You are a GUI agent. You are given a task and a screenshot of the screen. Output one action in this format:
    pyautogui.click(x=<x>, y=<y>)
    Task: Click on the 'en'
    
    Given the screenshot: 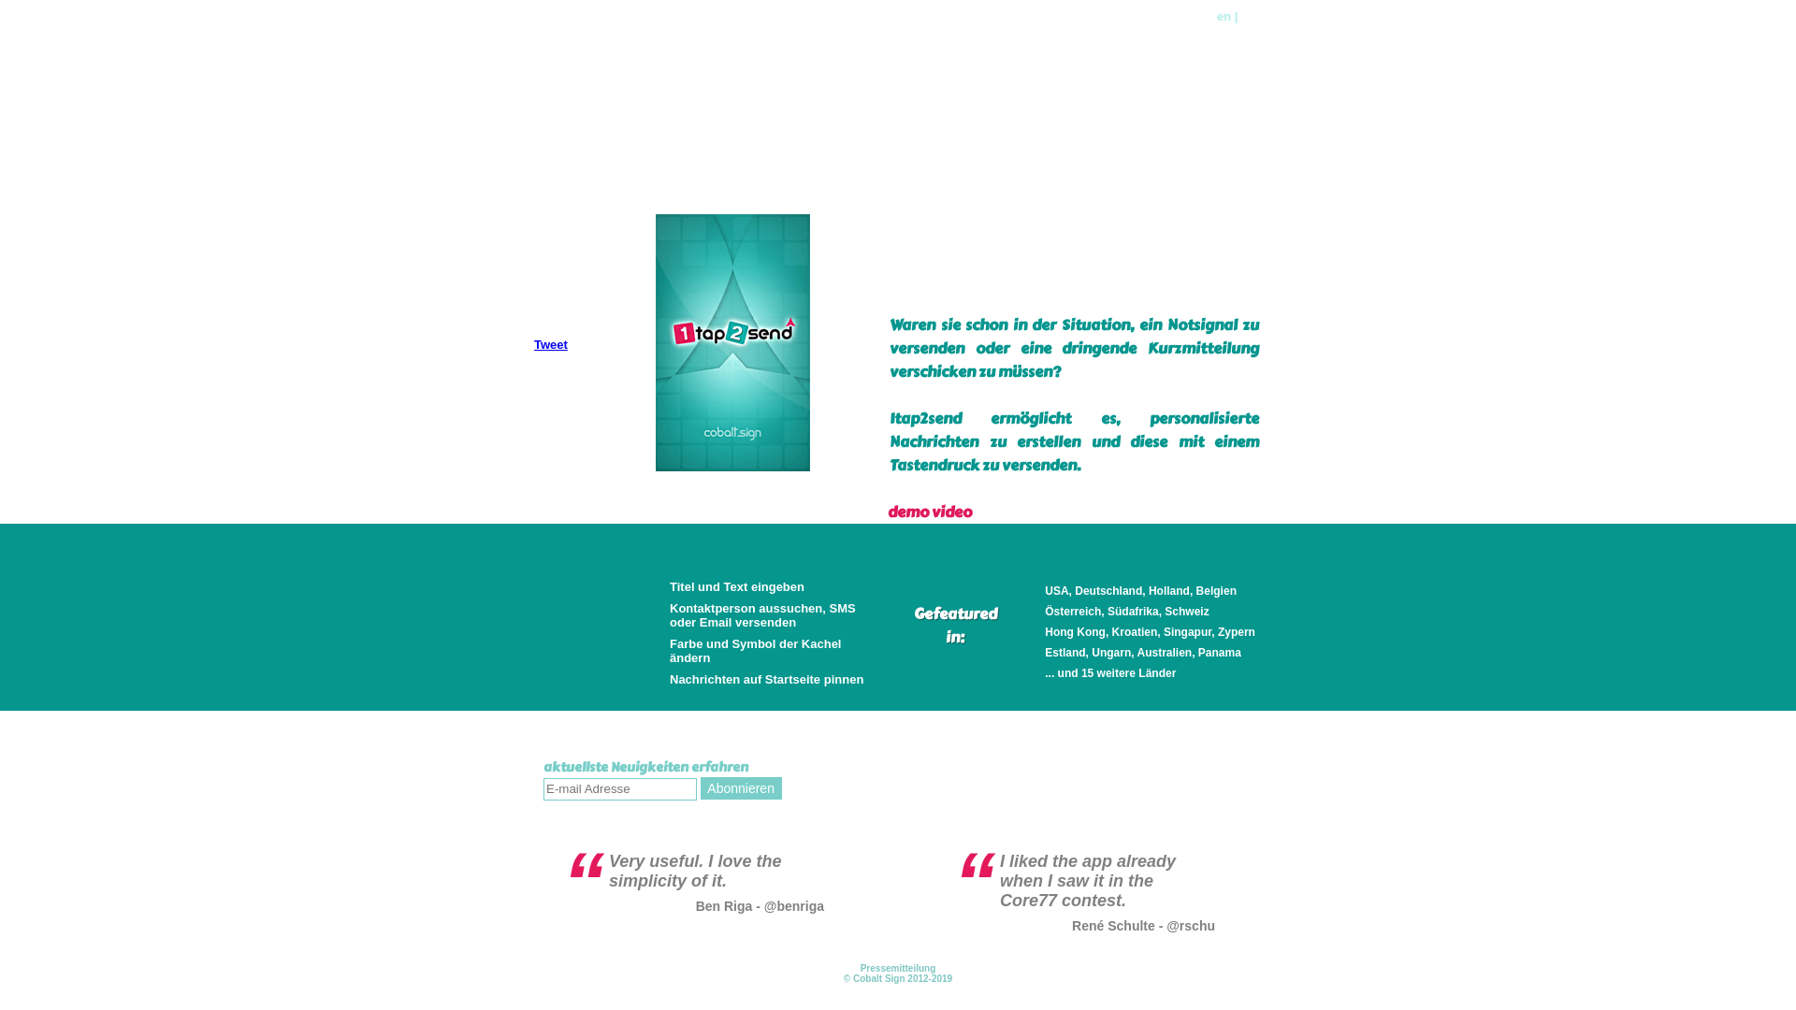 What is the action you would take?
    pyautogui.click(x=1224, y=16)
    